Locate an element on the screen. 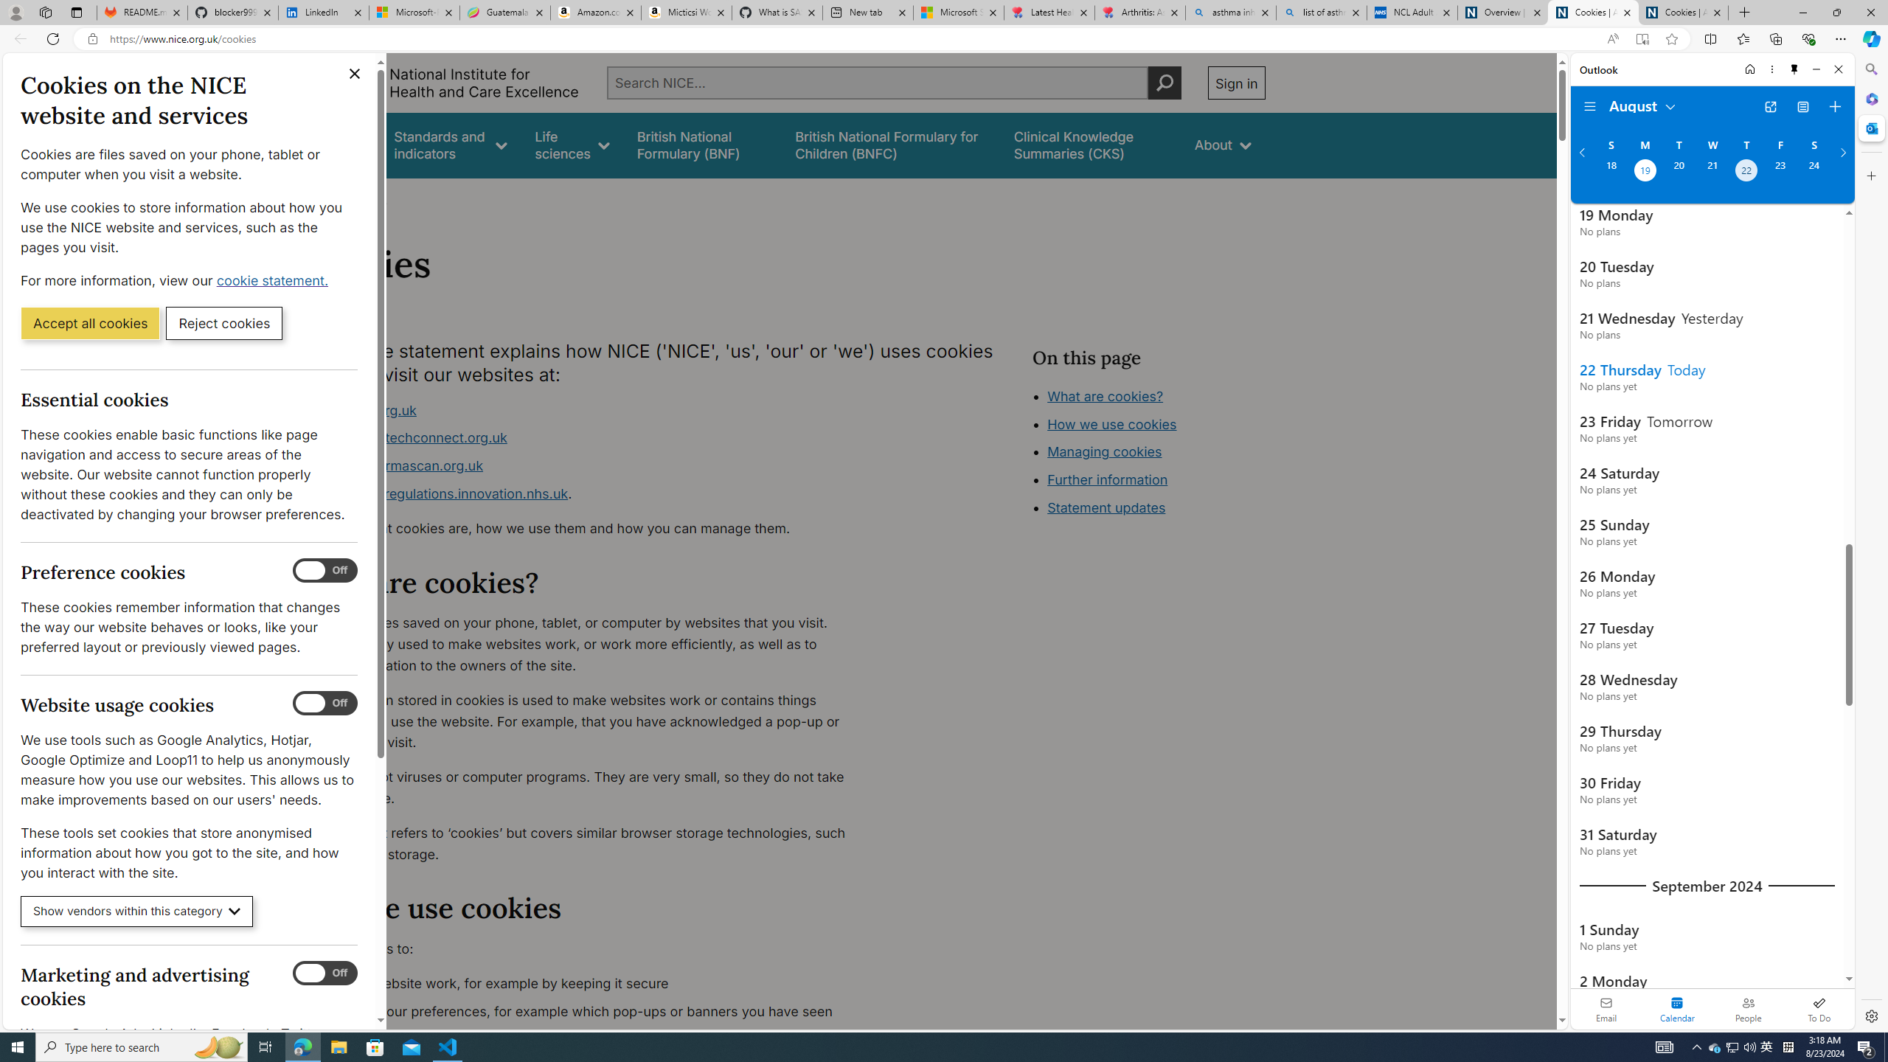  'cookie statement. (Opens in a new window)' is located at coordinates (274, 280).